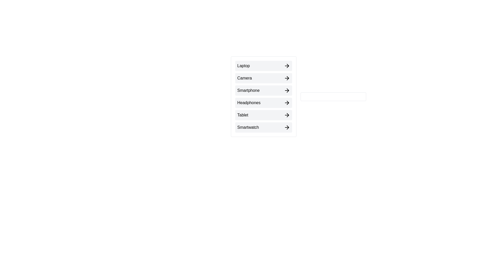 This screenshot has width=492, height=277. Describe the element at coordinates (263, 115) in the screenshot. I see `the arrow button next to Tablet to move it to the right list` at that location.